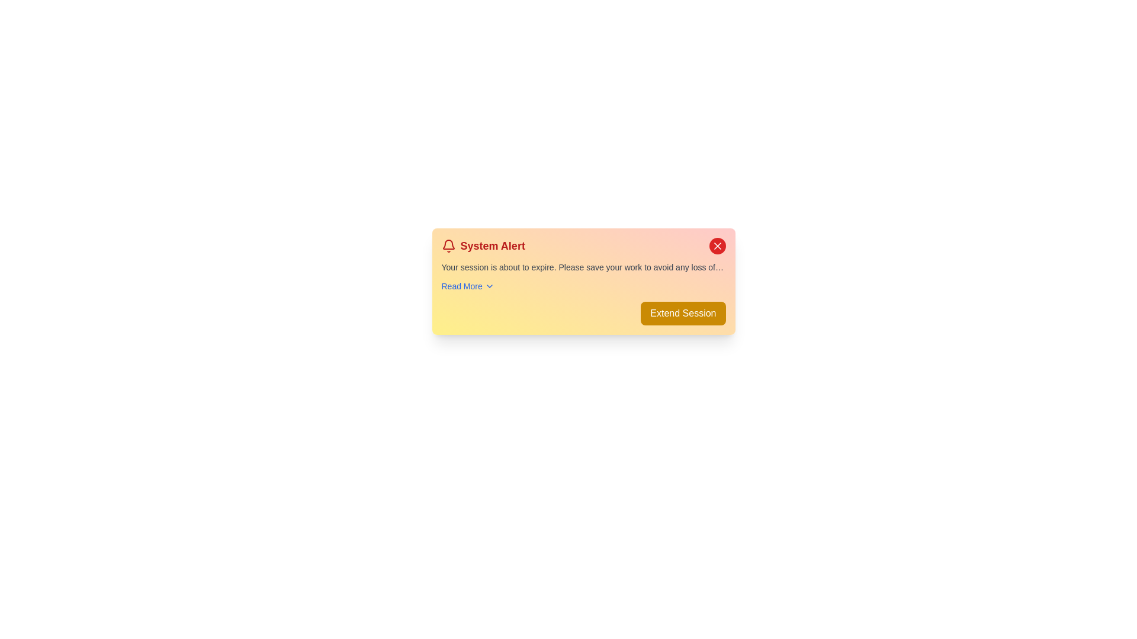  I want to click on the alert text to select it, so click(583, 267).